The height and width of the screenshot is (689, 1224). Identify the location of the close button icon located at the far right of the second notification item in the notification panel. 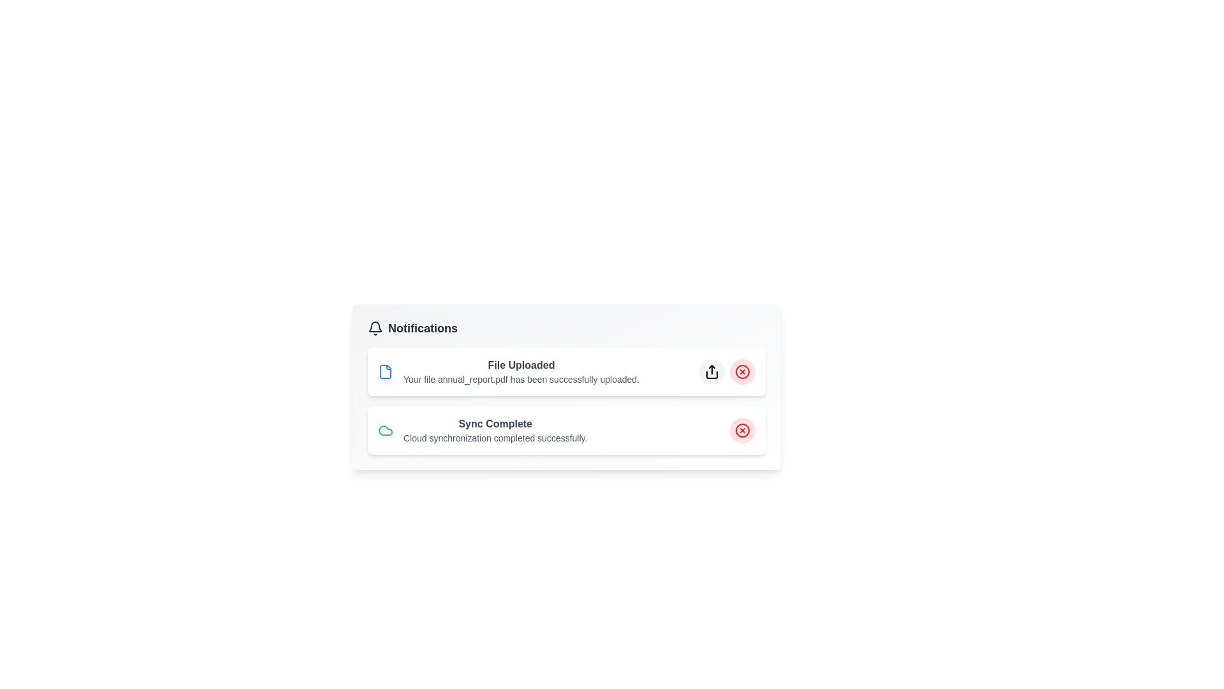
(743, 431).